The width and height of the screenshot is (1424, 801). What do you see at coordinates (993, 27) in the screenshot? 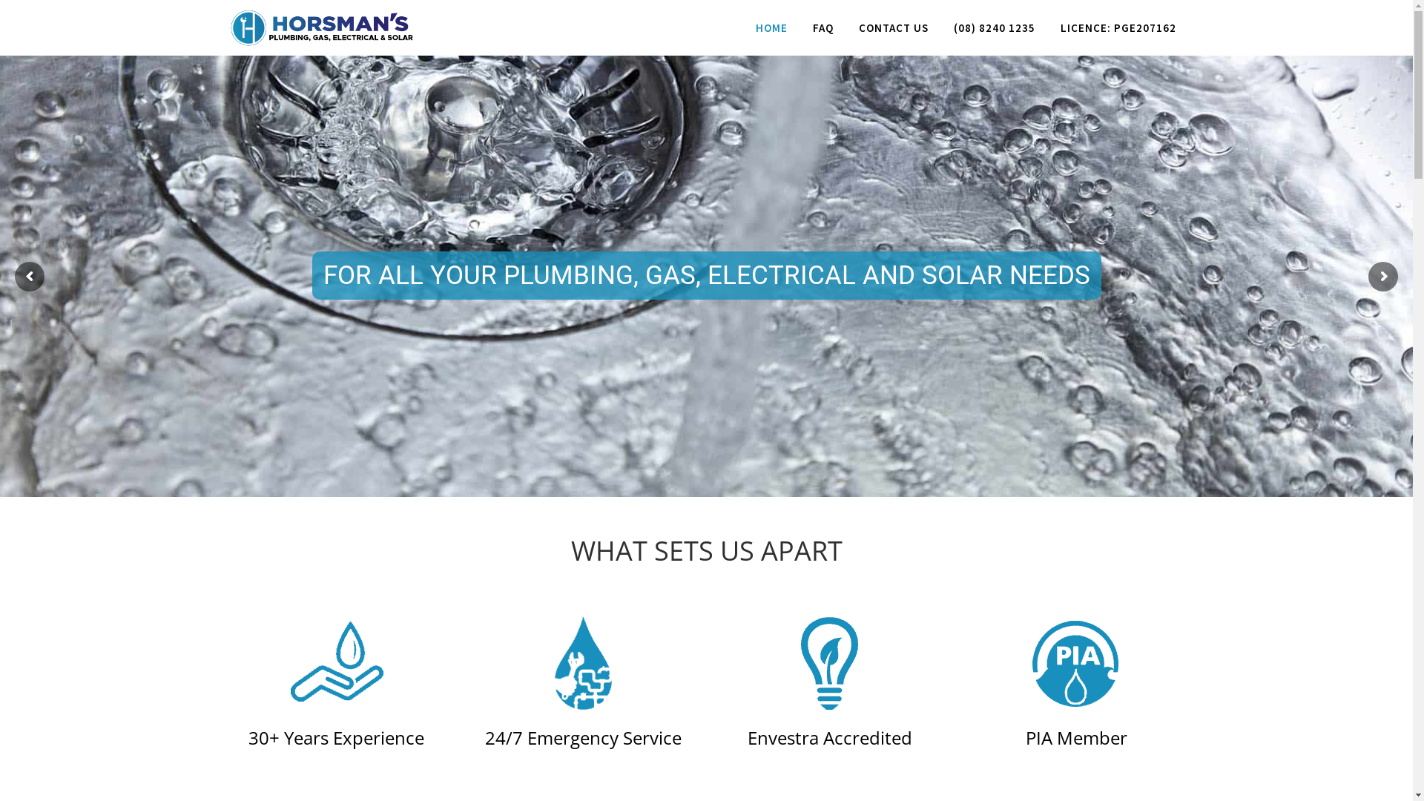
I see `'(08) 8240 1235'` at bounding box center [993, 27].